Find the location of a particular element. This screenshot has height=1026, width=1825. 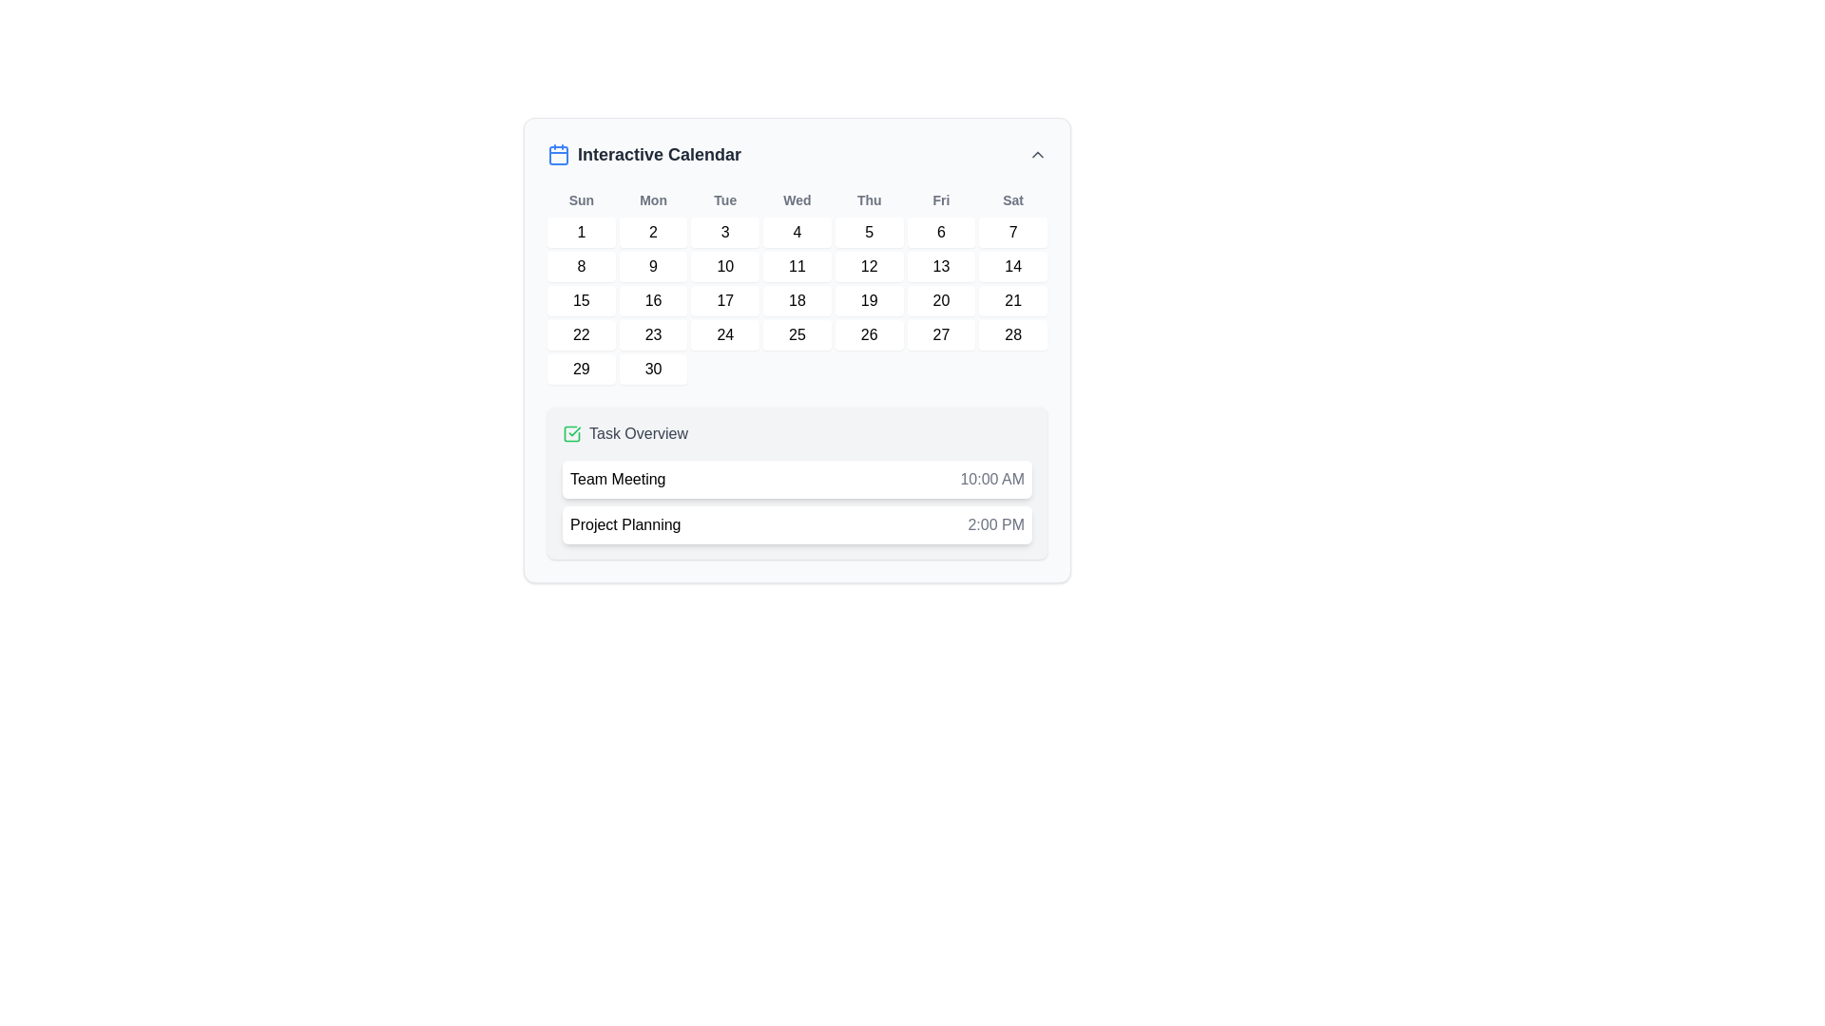

text label displaying the title of a scheduled event, which is positioned to the left of the '10:00 AM' time element in the task overview section is located at coordinates (618, 479).